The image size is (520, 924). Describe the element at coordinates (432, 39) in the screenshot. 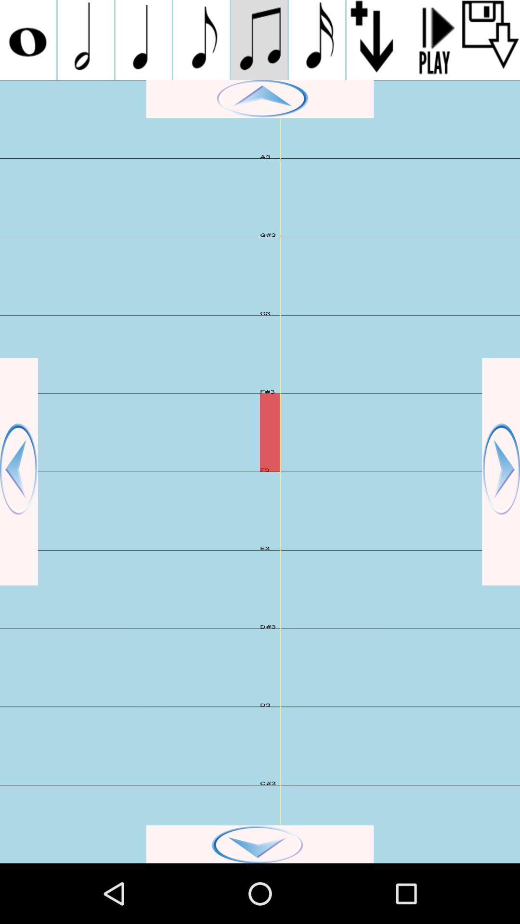

I see `play` at that location.